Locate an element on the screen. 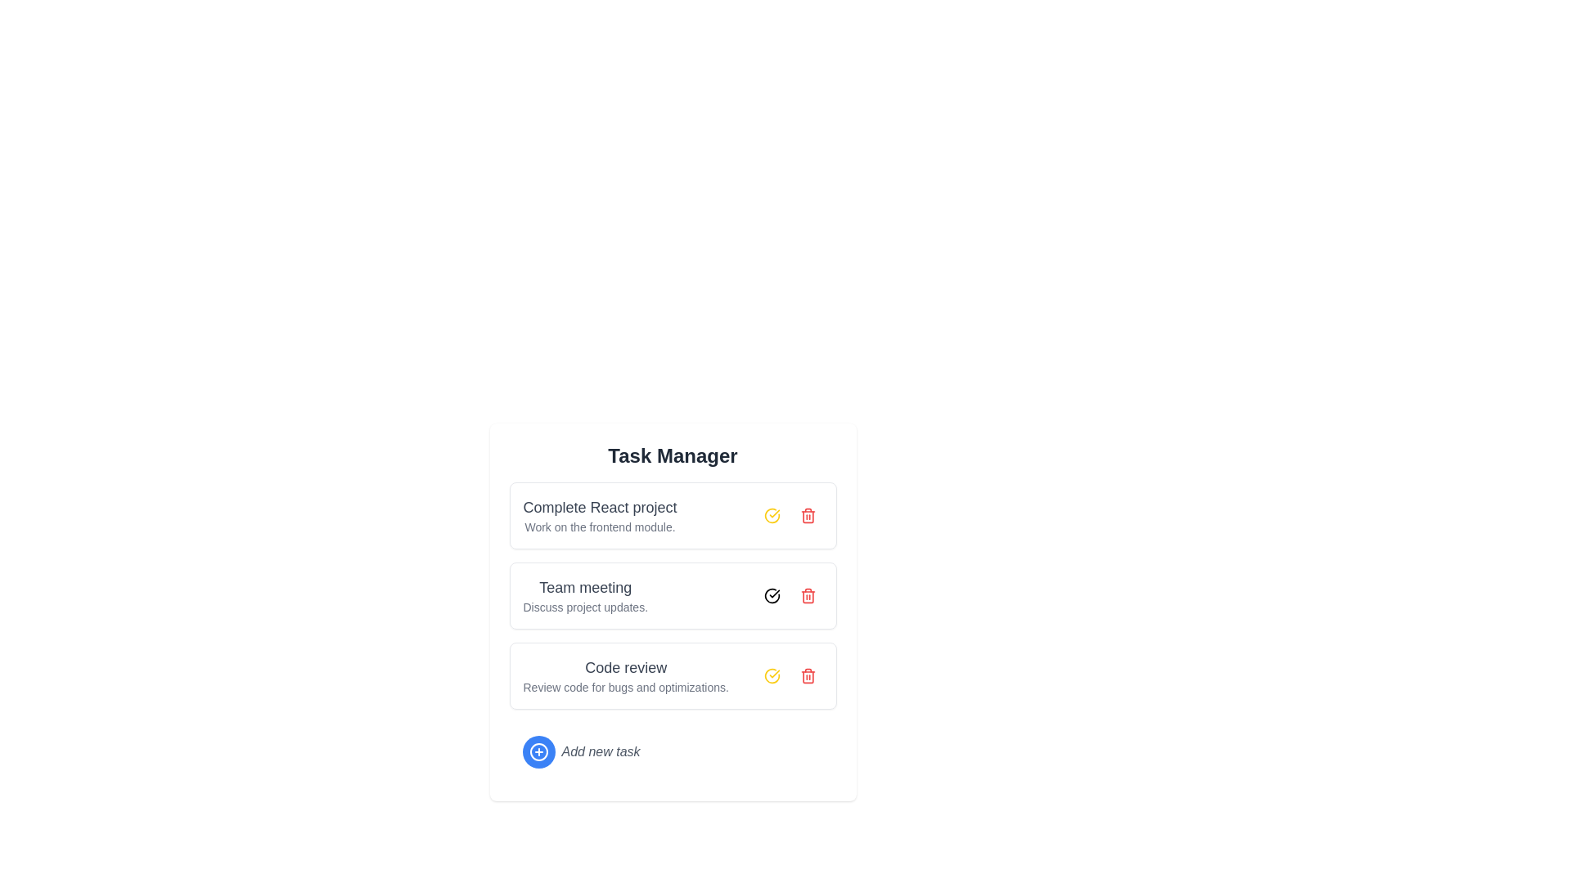  the circular button icon with a '+' sign to create a new task located at the bottom section of the task manager interface, beneath the listed tasks and next to the label 'Add new task.' is located at coordinates (538, 752).